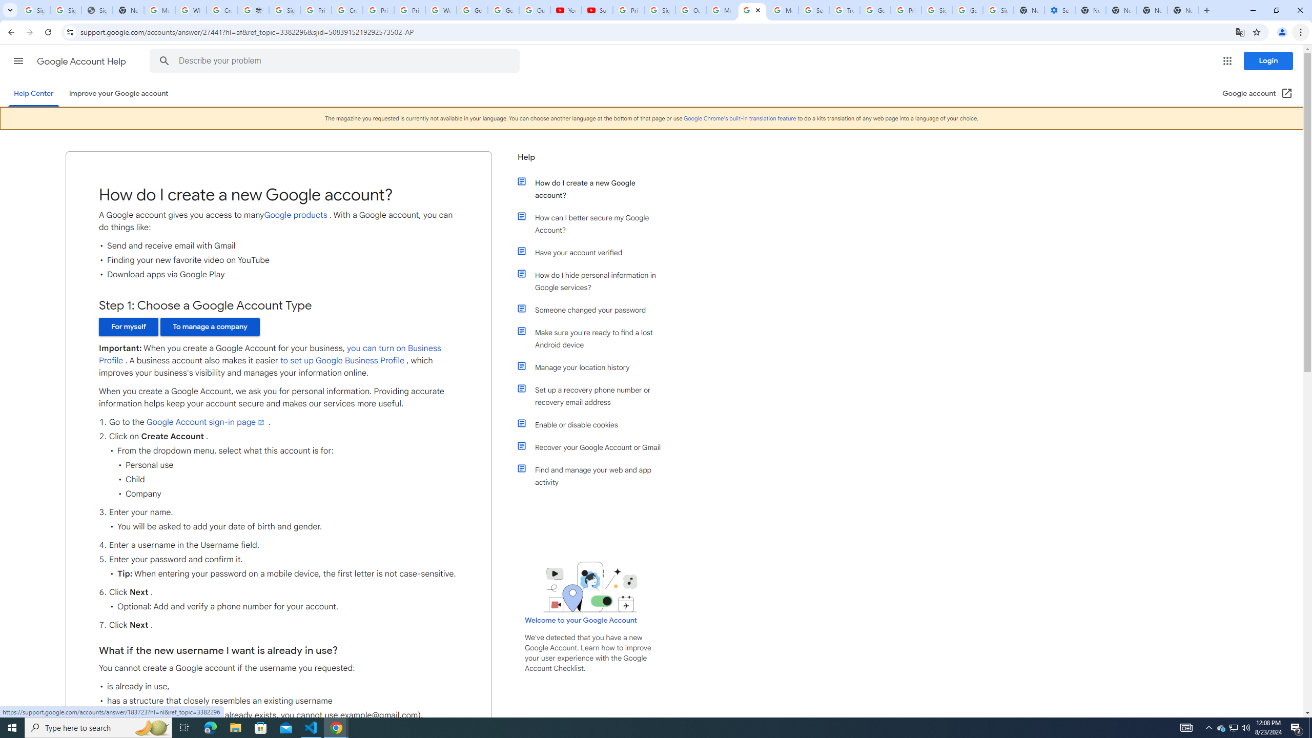 Image resolution: width=1312 pixels, height=738 pixels. What do you see at coordinates (1268, 60) in the screenshot?
I see `'Login'` at bounding box center [1268, 60].